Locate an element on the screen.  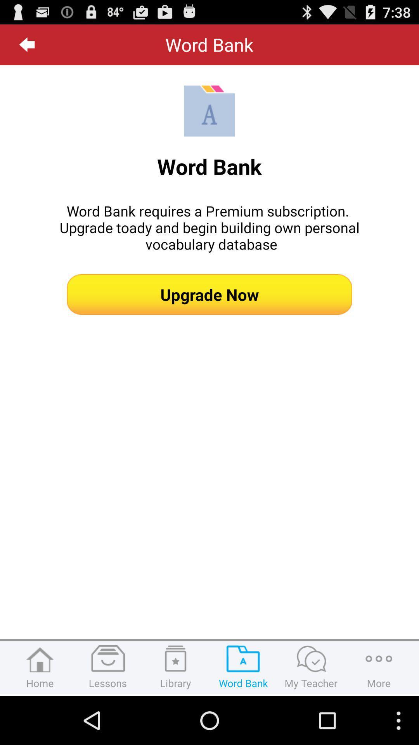
the arrow_backward icon is located at coordinates (27, 47).